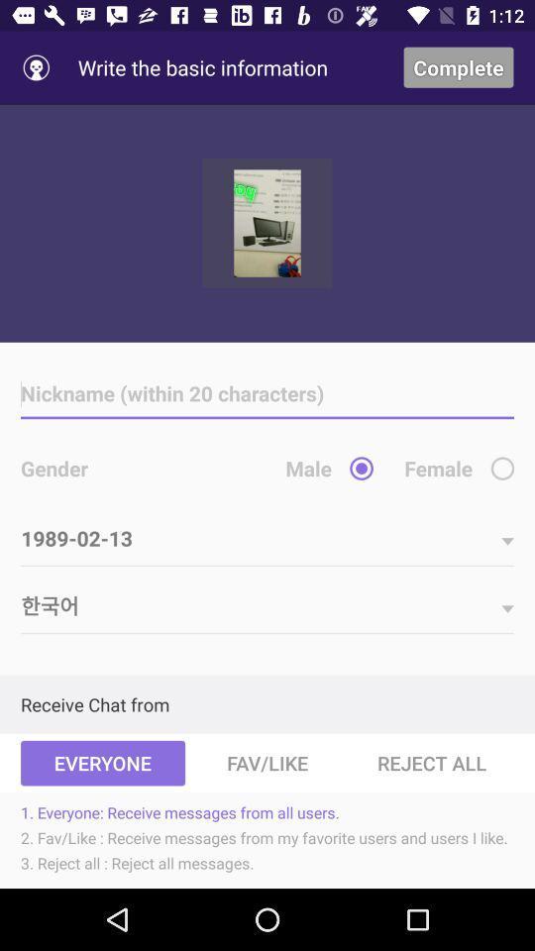 The image size is (535, 951). Describe the element at coordinates (267, 393) in the screenshot. I see `a nickname on form` at that location.